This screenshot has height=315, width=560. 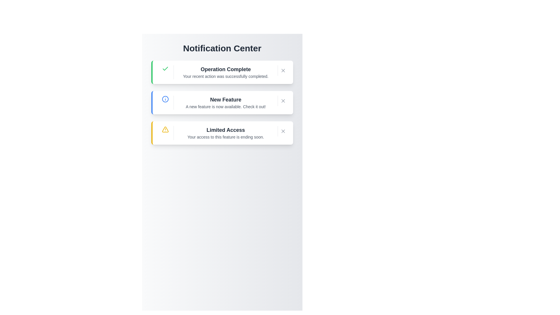 What do you see at coordinates (222, 48) in the screenshot?
I see `the large, bold header displaying 'Notification Center' in dark gray color, located at the top center of the notification panel` at bounding box center [222, 48].